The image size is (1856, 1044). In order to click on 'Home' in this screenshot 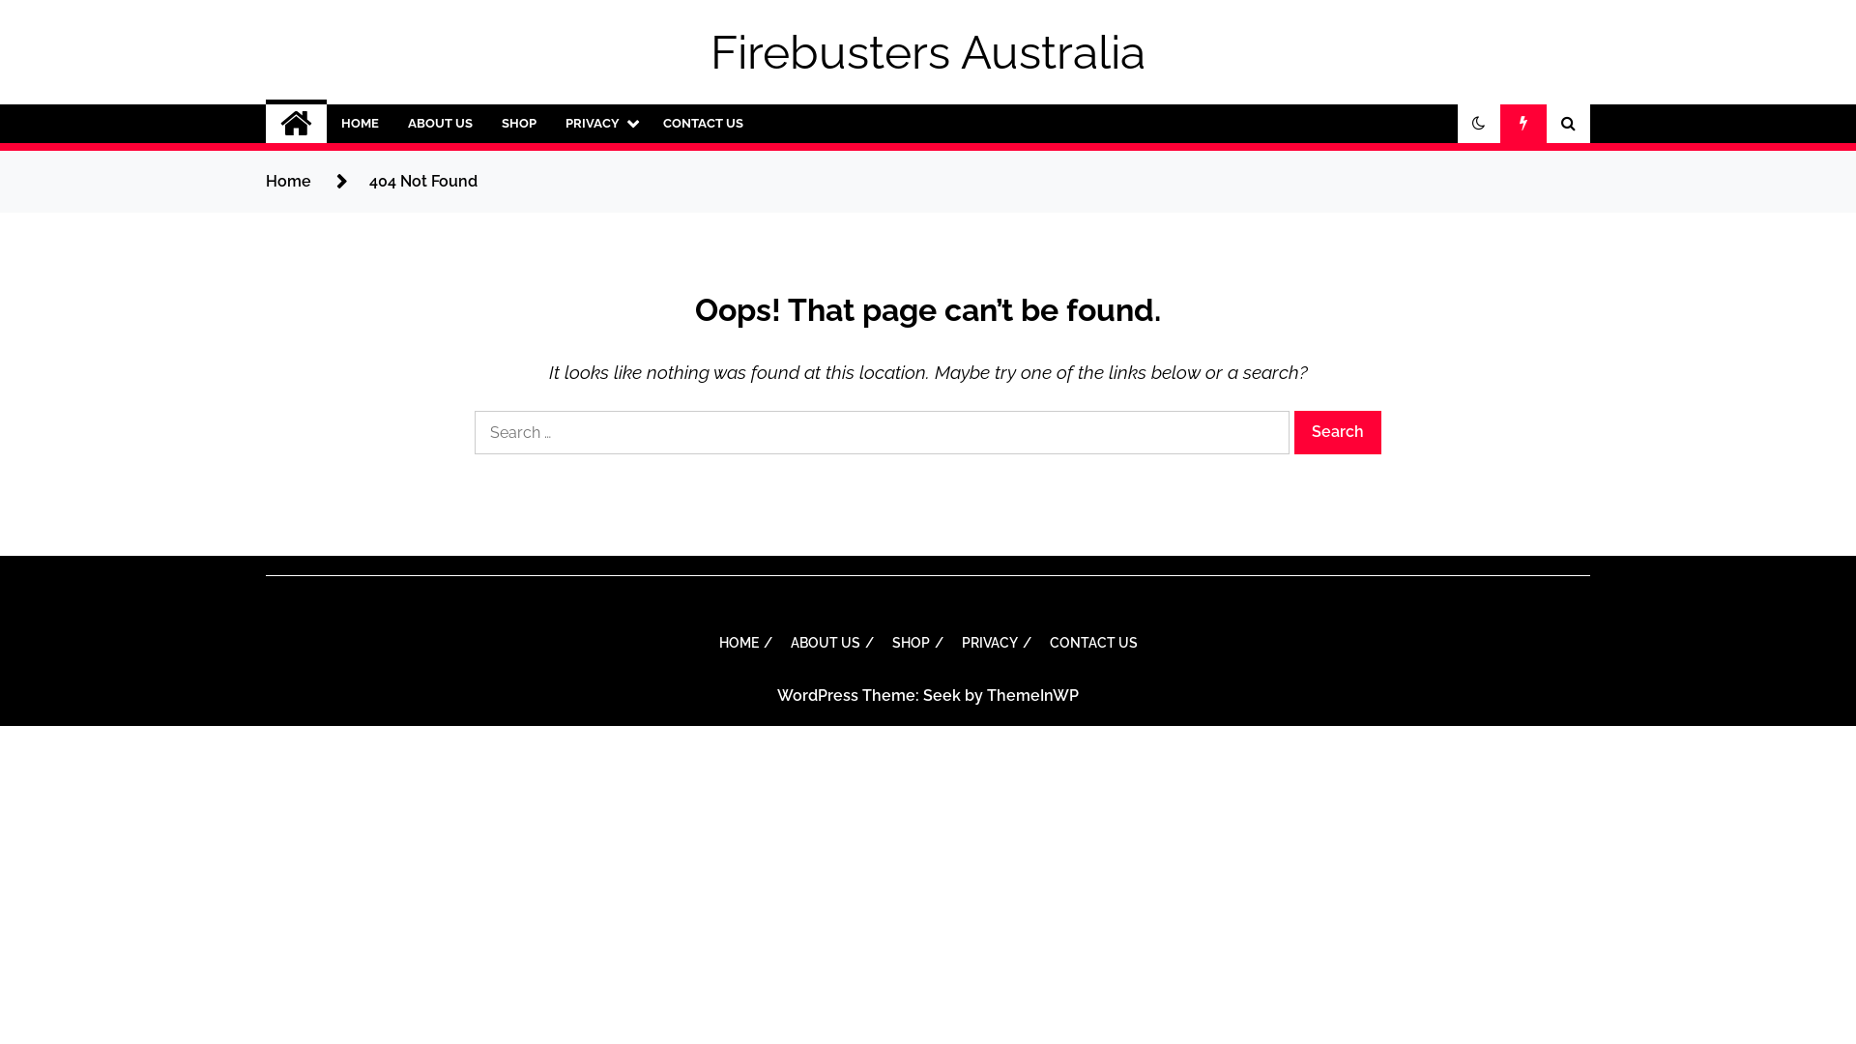, I will do `click(295, 123)`.